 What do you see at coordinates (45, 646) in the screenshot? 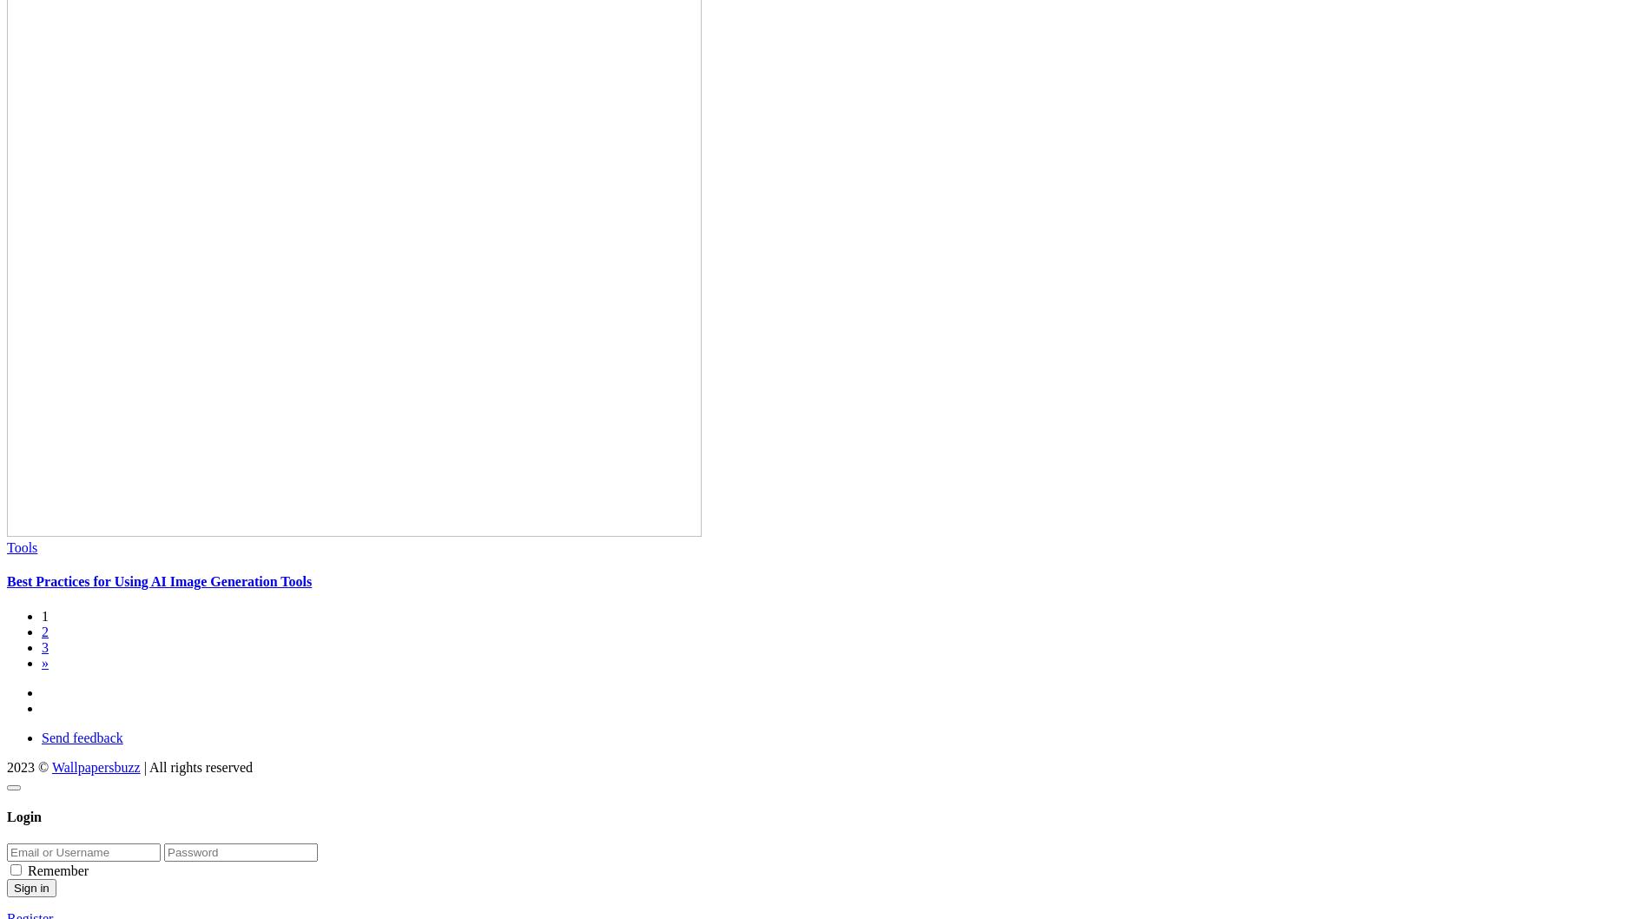
I see `'3'` at bounding box center [45, 646].